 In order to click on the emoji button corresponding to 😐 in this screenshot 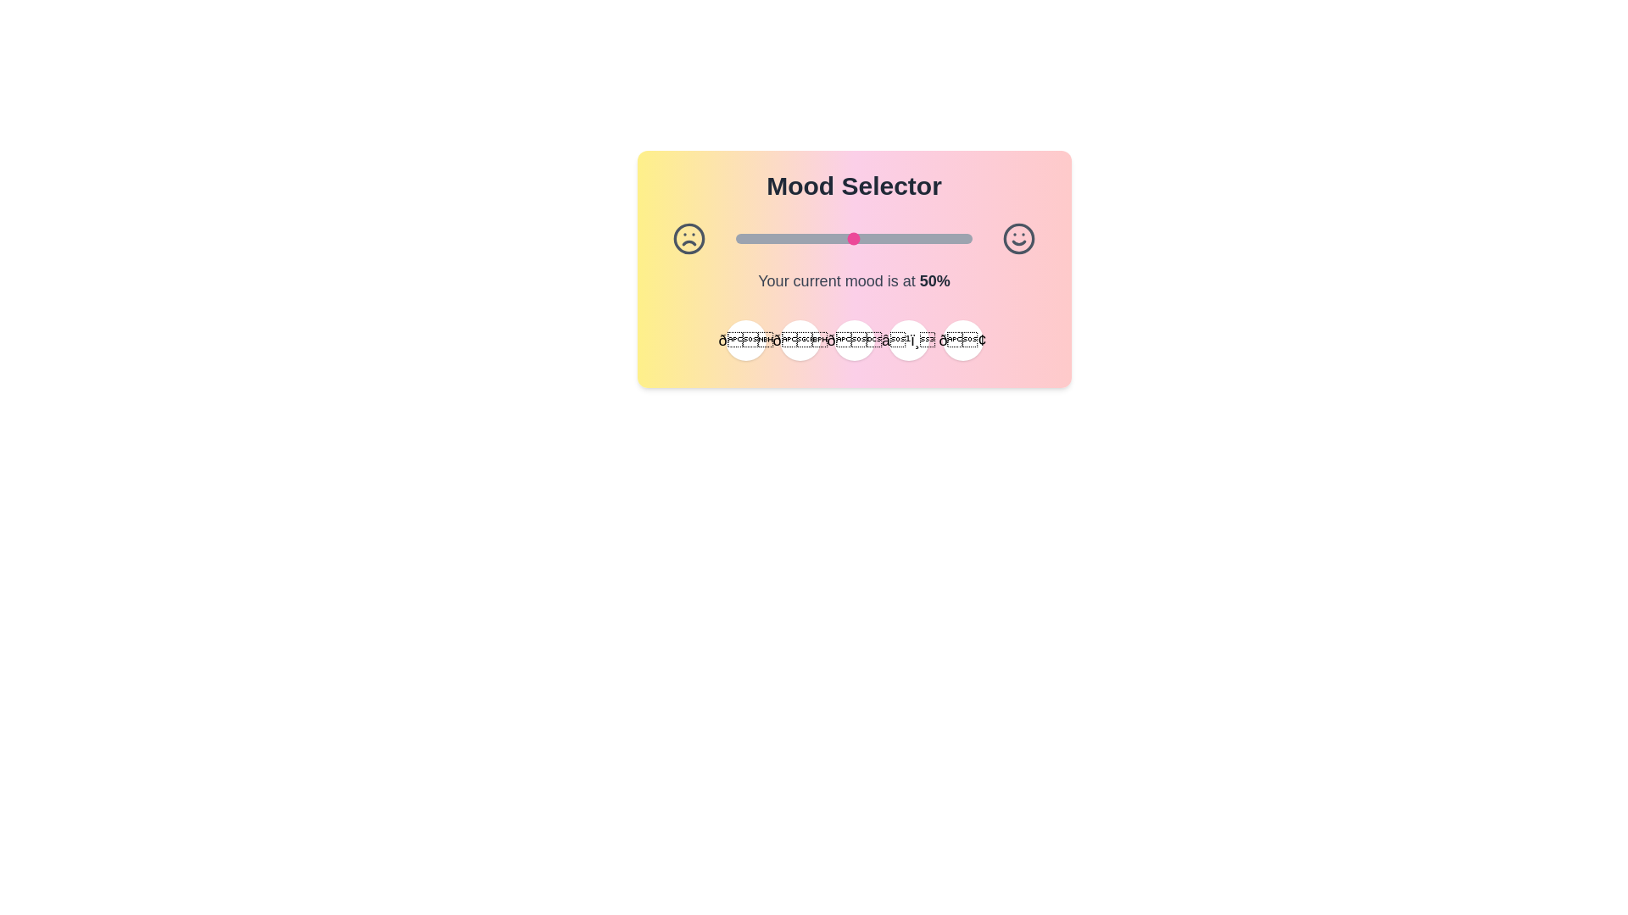, I will do `click(854, 340)`.